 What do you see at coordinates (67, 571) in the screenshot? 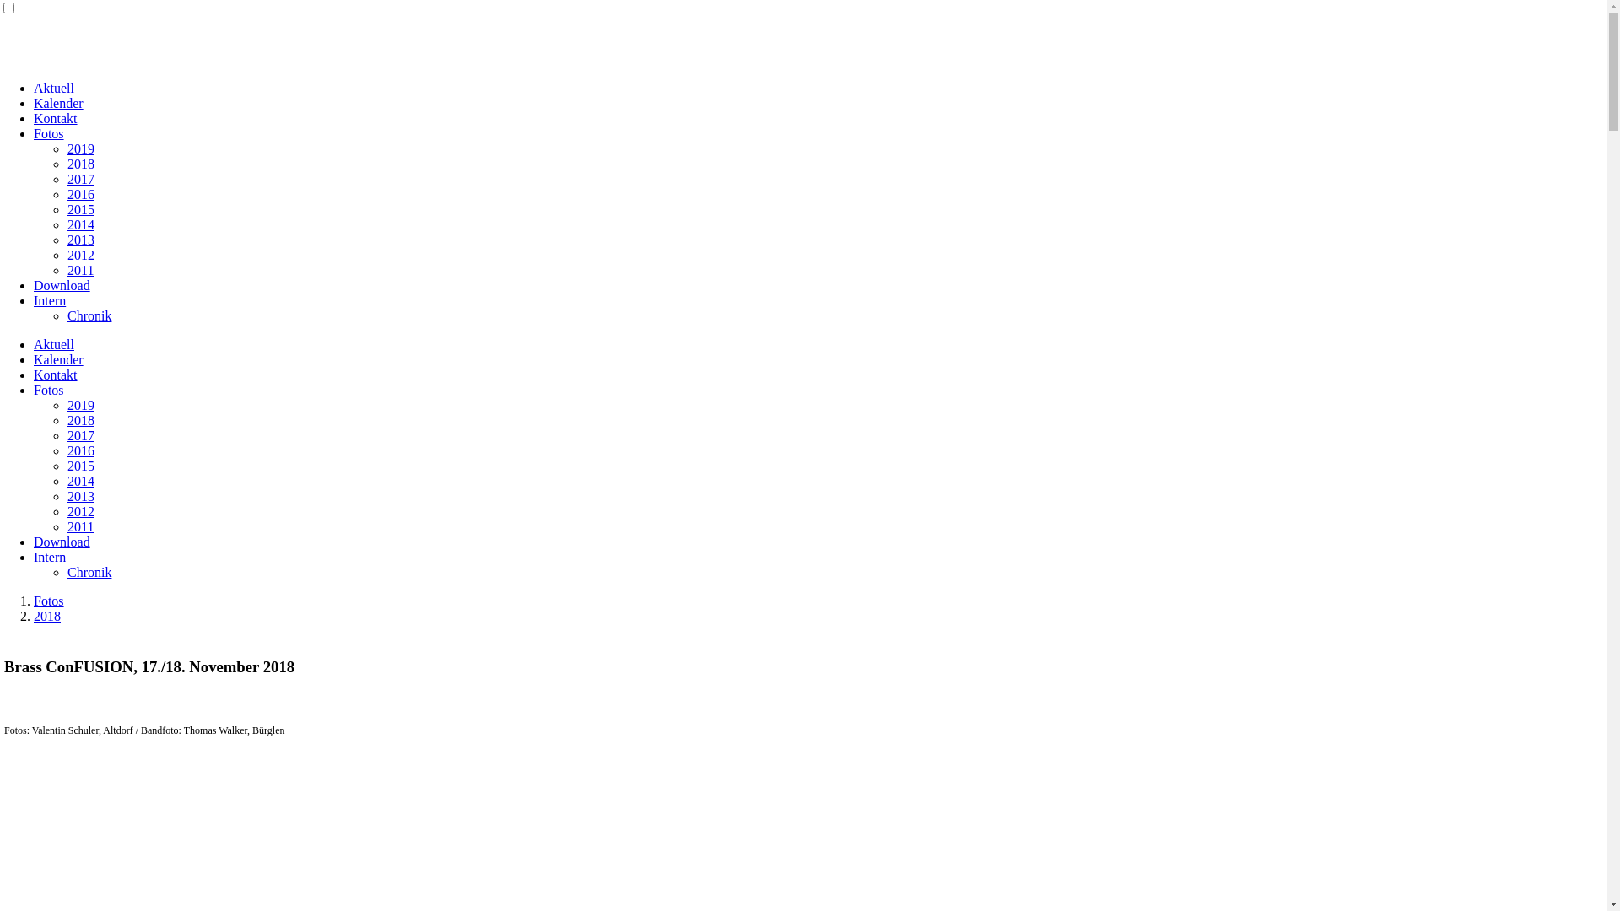
I see `'Chronik'` at bounding box center [67, 571].